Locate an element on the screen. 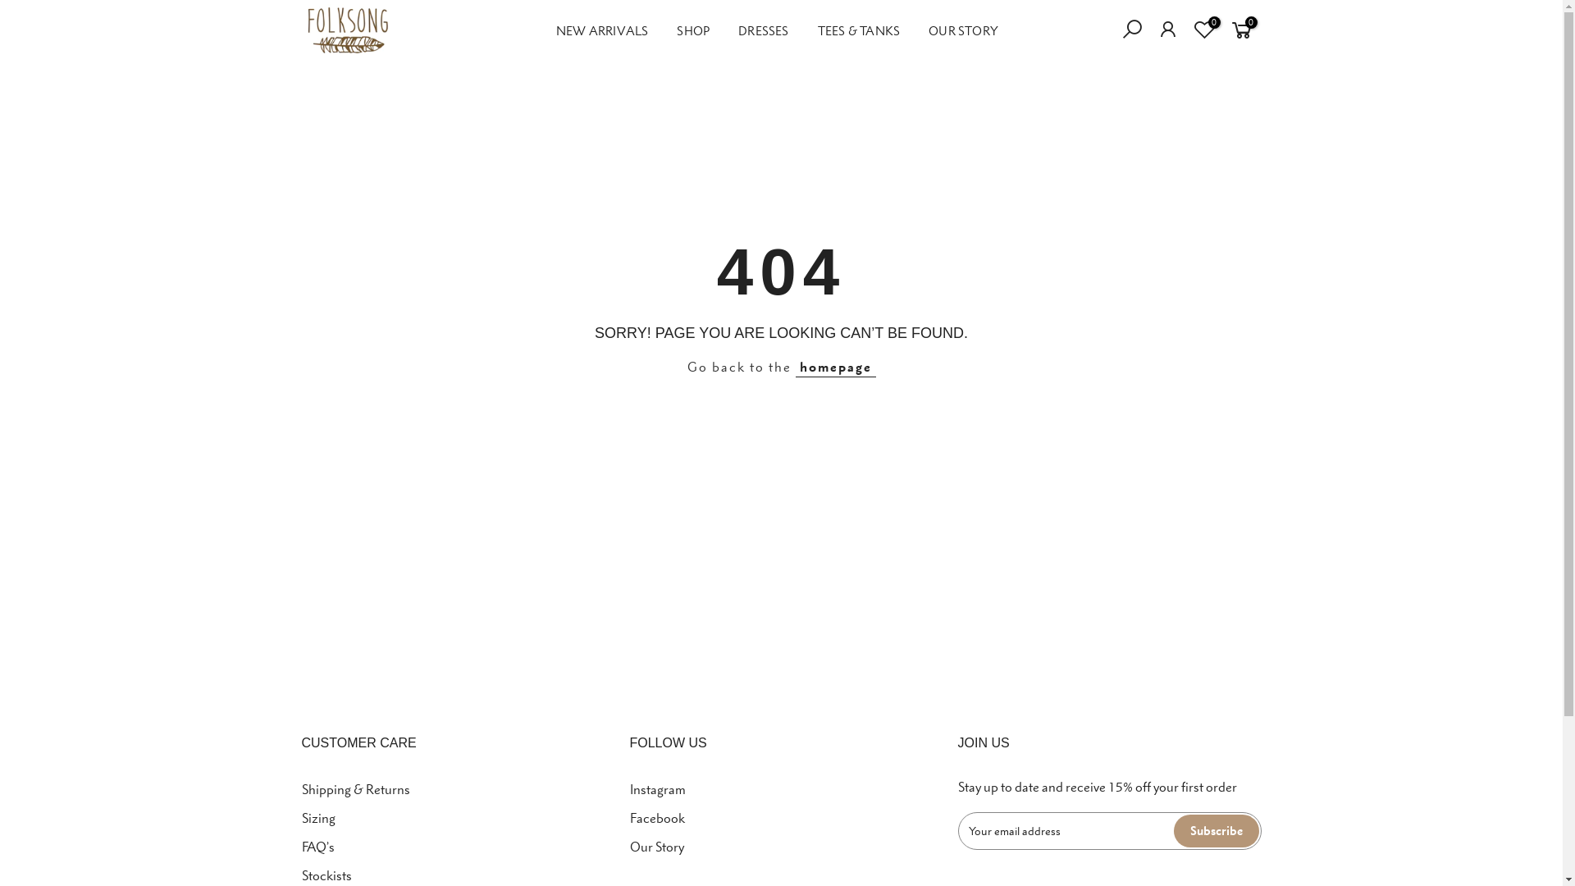 The height and width of the screenshot is (886, 1575). 'Our Story' is located at coordinates (629, 847).